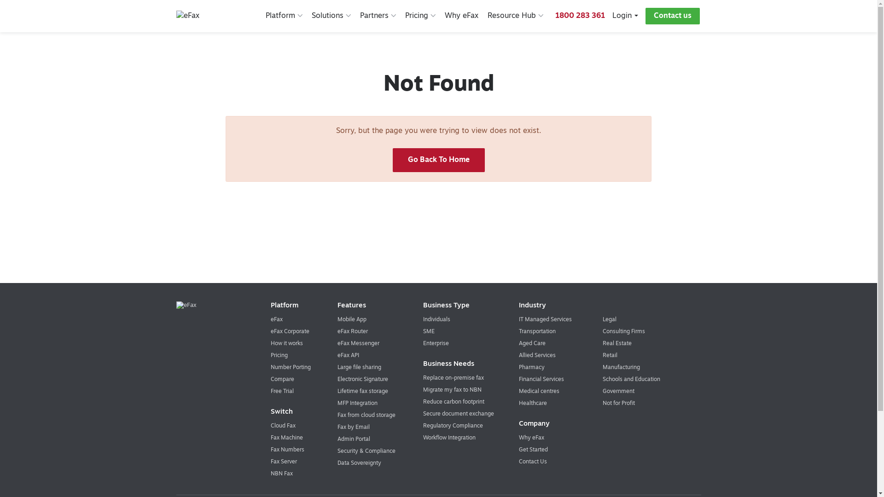 Image resolution: width=884 pixels, height=497 pixels. What do you see at coordinates (610, 355) in the screenshot?
I see `'Retail'` at bounding box center [610, 355].